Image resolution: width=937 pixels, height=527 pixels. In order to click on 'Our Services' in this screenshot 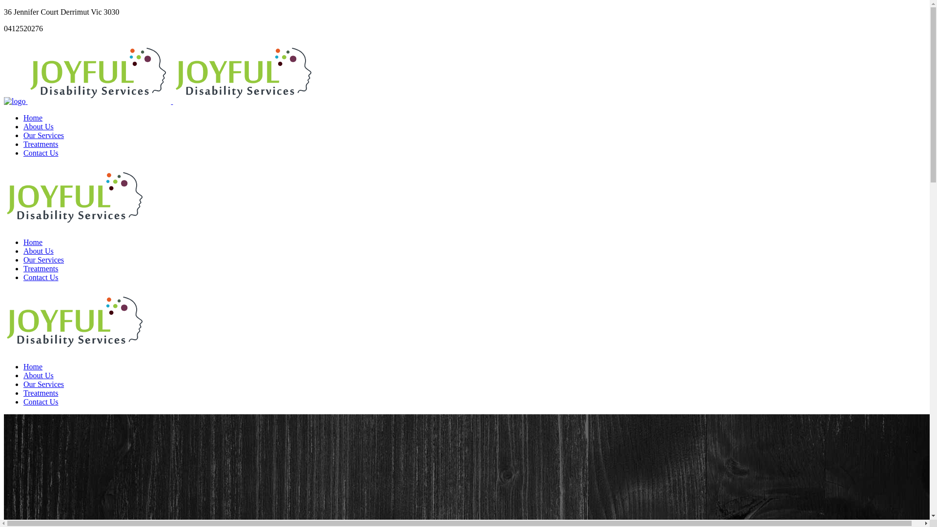, I will do `click(43, 259)`.